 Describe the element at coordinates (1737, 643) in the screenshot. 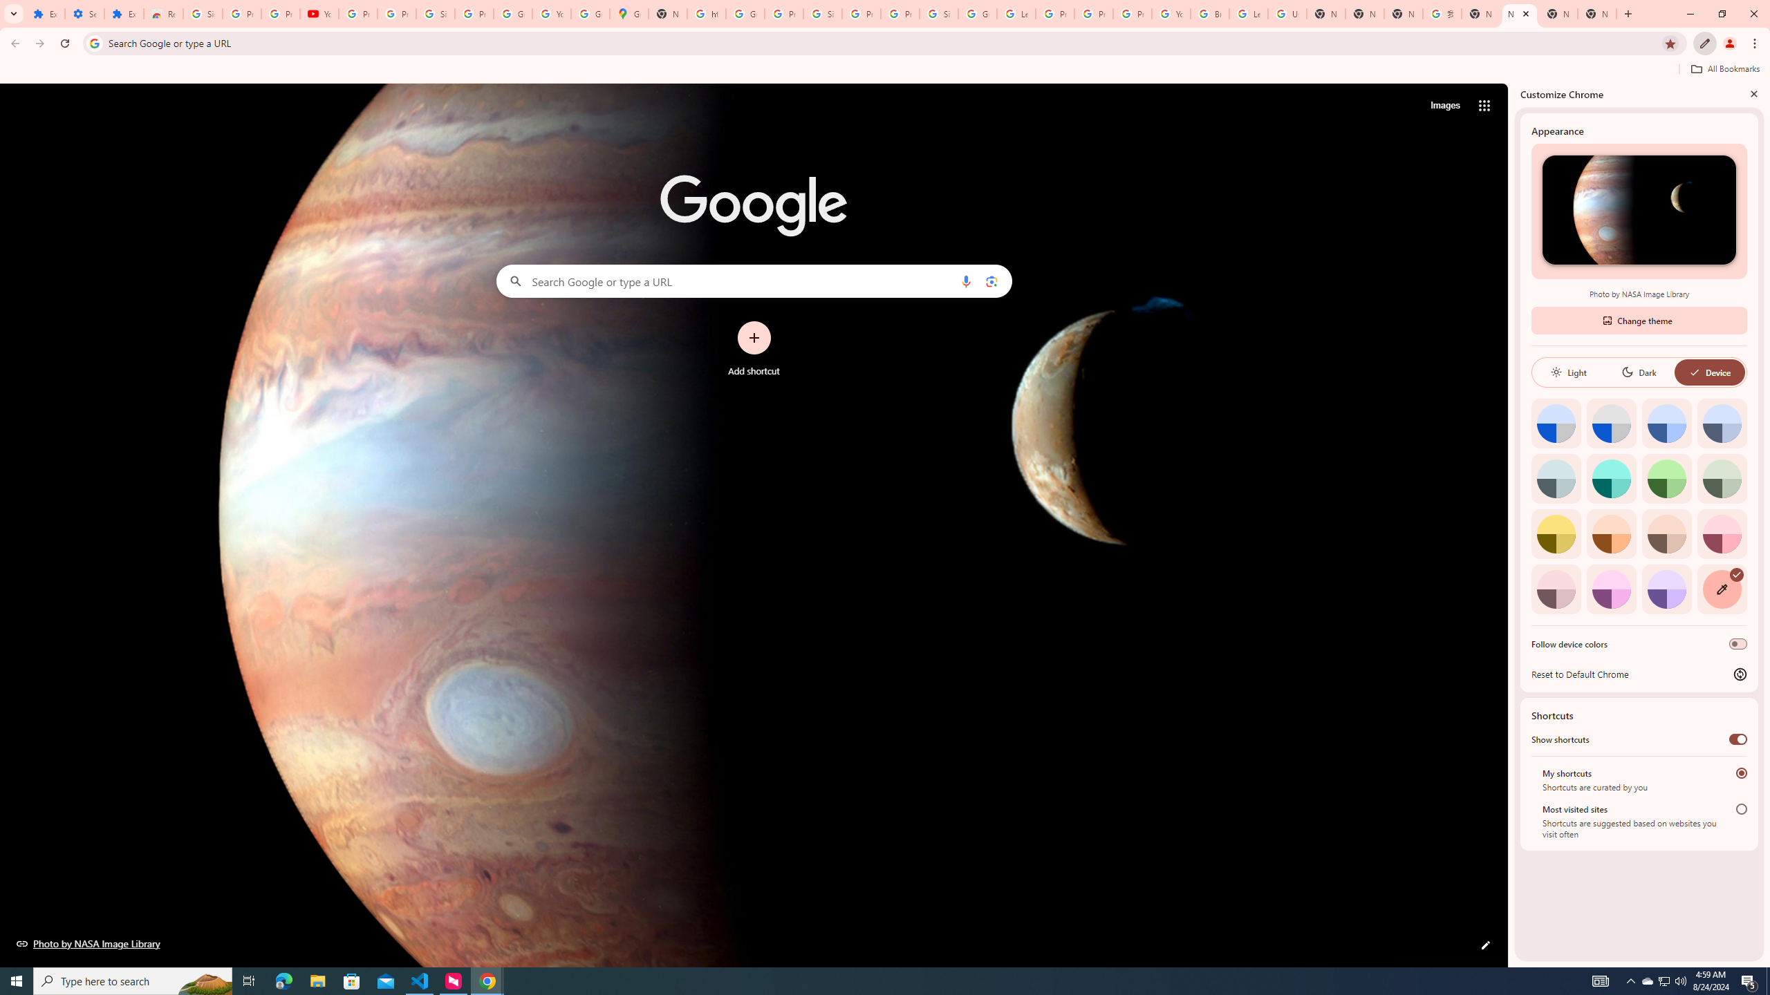

I see `'Follow device colors'` at that location.